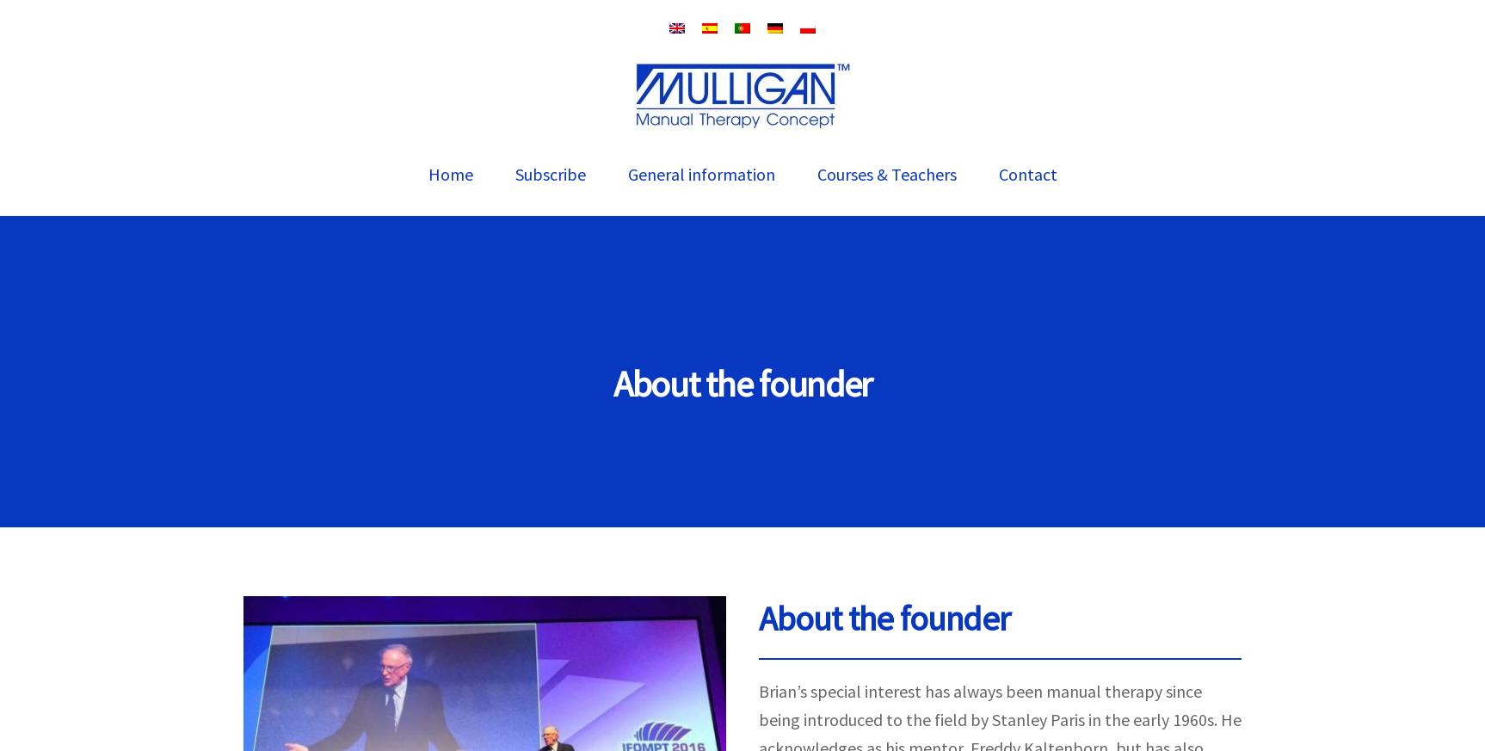 The image size is (1485, 751). What do you see at coordinates (786, 559) in the screenshot?
I see `'Ball Dynamics Award for Excellence in a Published Case Study (1997)'` at bounding box center [786, 559].